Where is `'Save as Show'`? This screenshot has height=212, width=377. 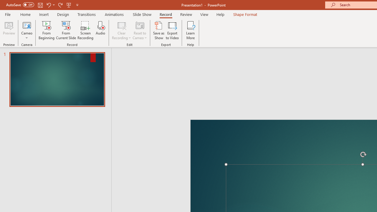 'Save as Show' is located at coordinates (159, 30).